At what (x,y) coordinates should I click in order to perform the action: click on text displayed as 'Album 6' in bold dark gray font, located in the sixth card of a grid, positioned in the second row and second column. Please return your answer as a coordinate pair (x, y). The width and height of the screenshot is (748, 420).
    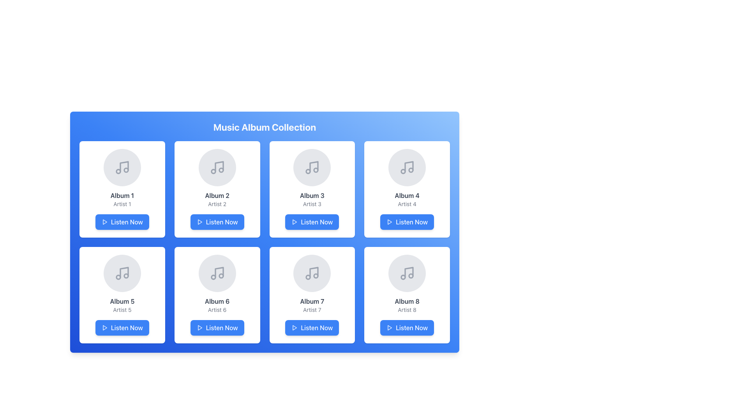
    Looking at the image, I should click on (217, 301).